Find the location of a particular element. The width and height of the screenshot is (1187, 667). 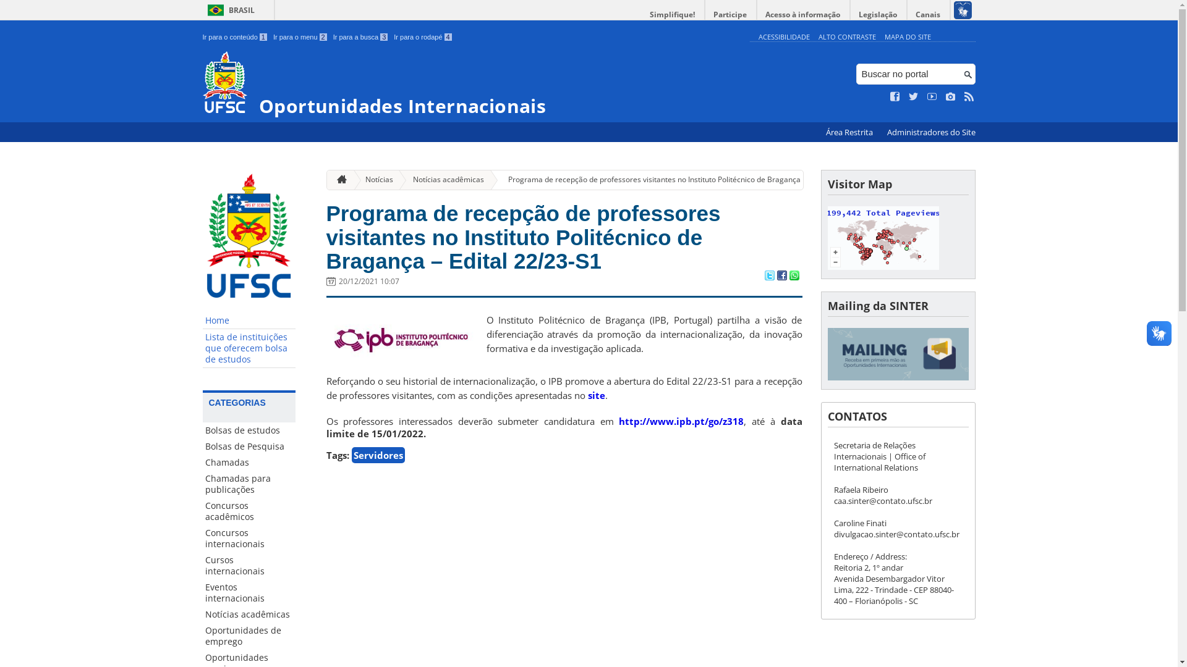

'ACESSIBILIDADE' is located at coordinates (783, 36).